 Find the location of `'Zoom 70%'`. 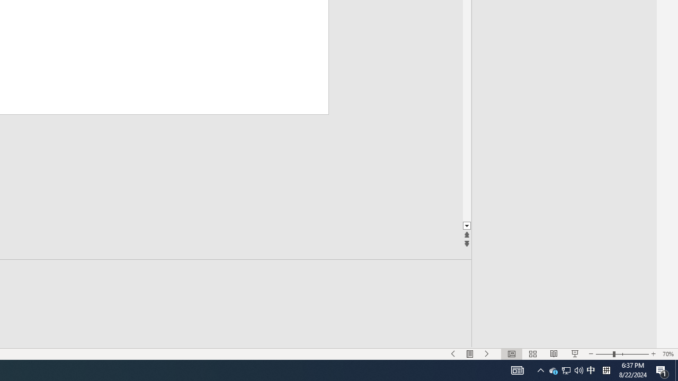

'Zoom 70%' is located at coordinates (667, 354).